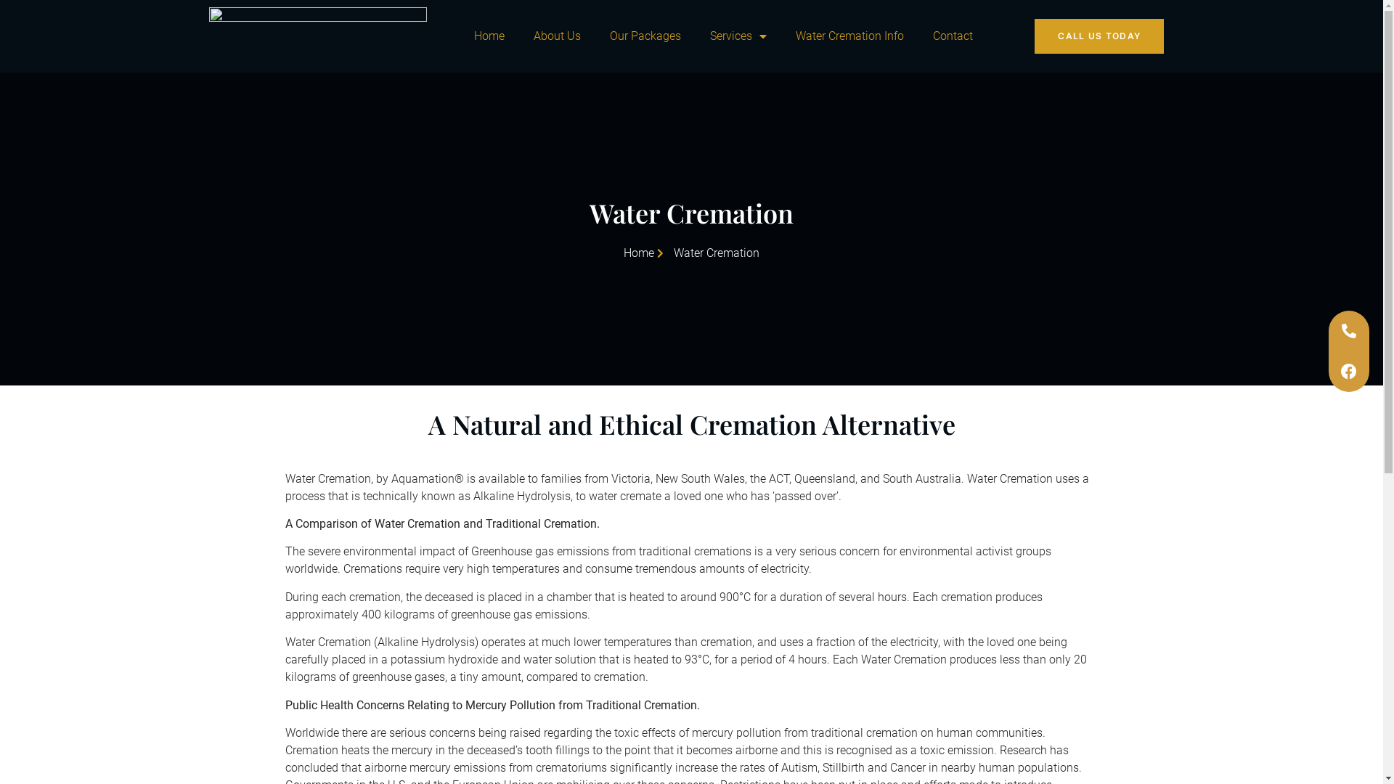  What do you see at coordinates (644, 36) in the screenshot?
I see `'Our Packages'` at bounding box center [644, 36].